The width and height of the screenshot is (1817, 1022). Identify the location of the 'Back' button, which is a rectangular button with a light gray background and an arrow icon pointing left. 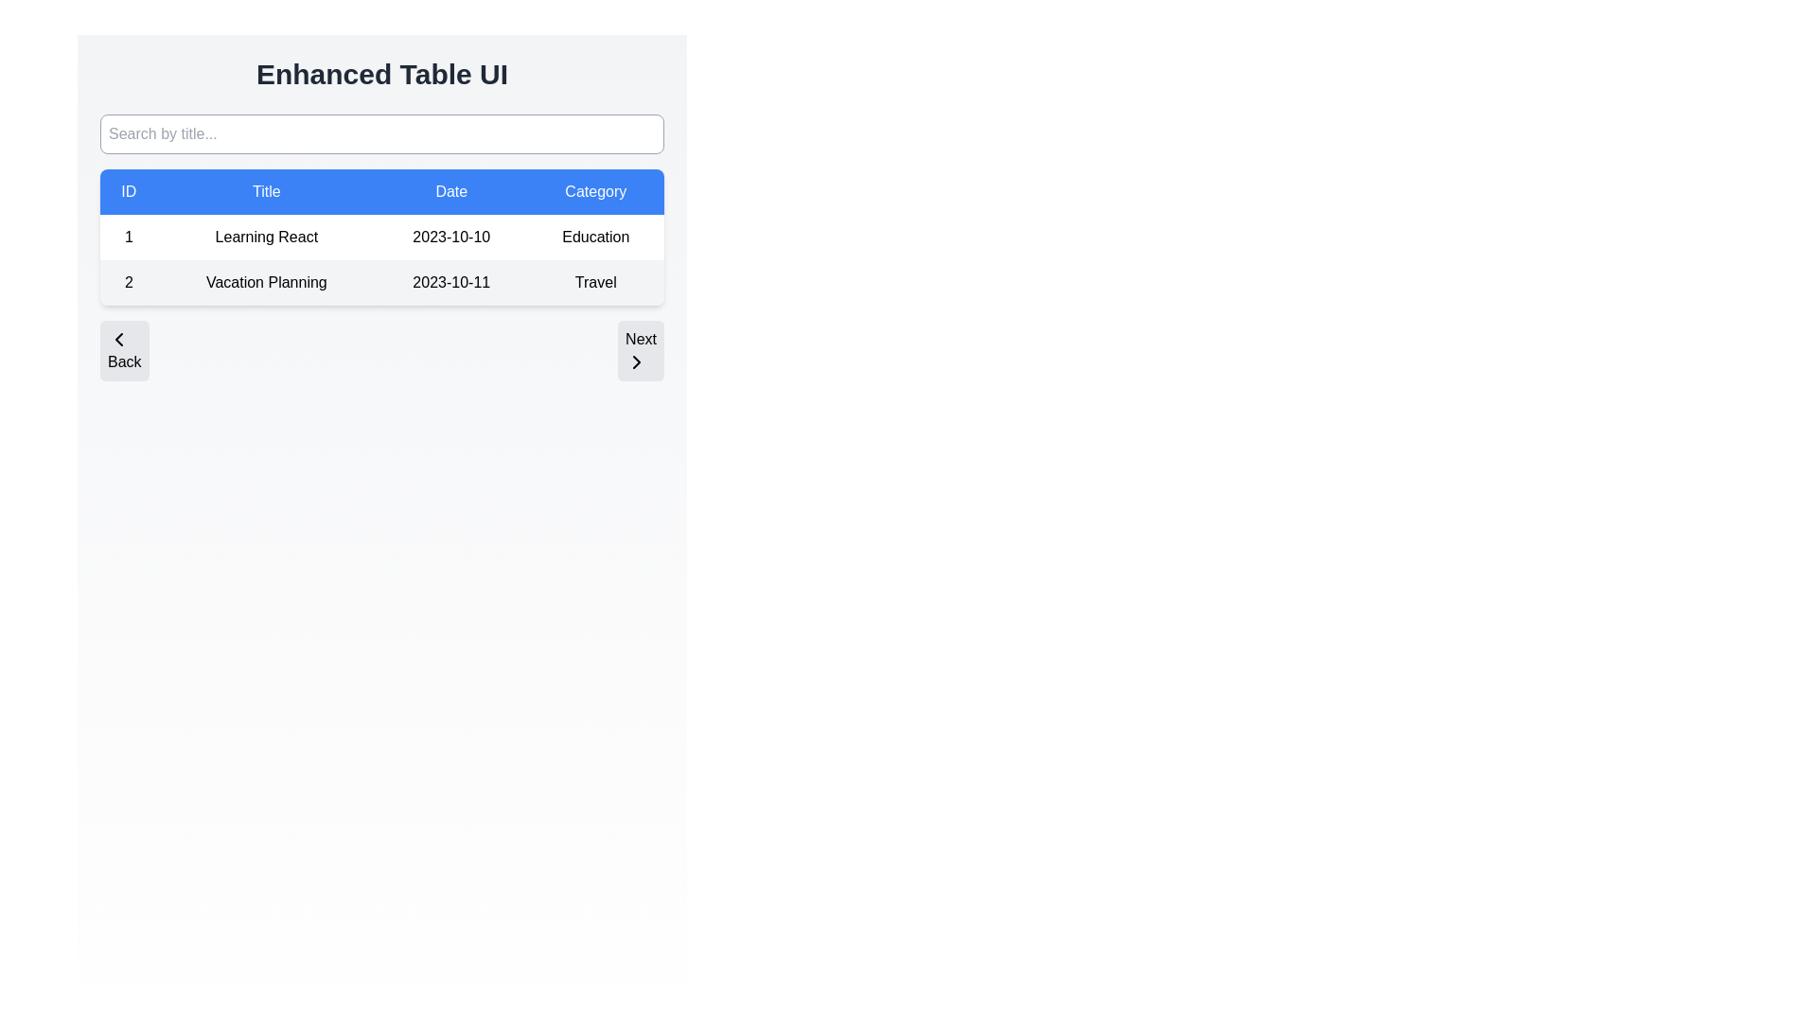
(123, 350).